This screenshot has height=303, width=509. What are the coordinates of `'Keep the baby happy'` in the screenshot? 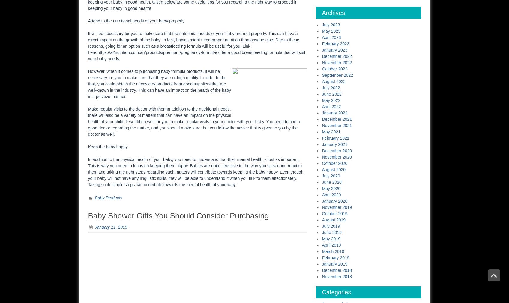 It's located at (107, 146).